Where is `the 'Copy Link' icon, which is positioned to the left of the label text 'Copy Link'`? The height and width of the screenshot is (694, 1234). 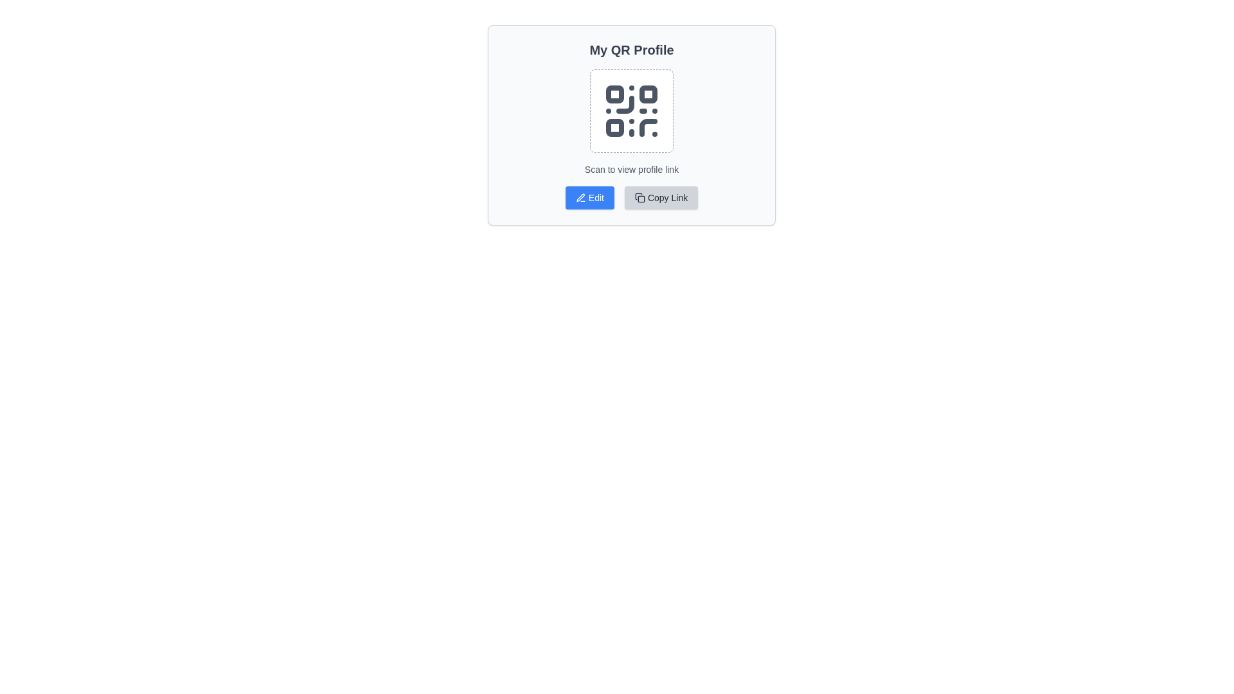
the 'Copy Link' icon, which is positioned to the left of the label text 'Copy Link' is located at coordinates (639, 198).